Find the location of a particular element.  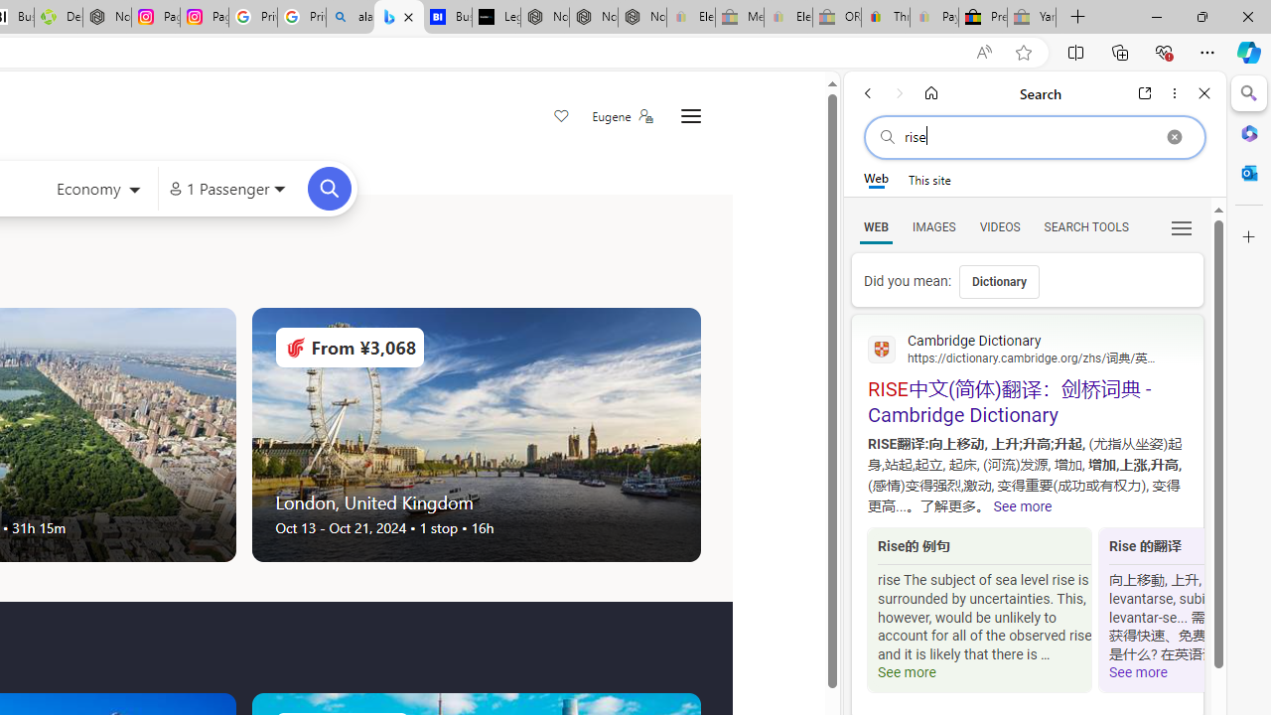

'Clear' is located at coordinates (1174, 136).